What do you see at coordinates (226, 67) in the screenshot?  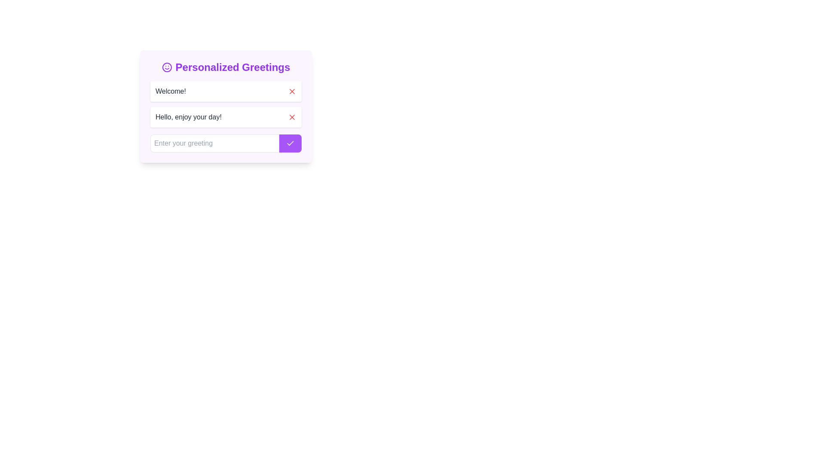 I see `the 'Personalized Greetings' text label with icon` at bounding box center [226, 67].